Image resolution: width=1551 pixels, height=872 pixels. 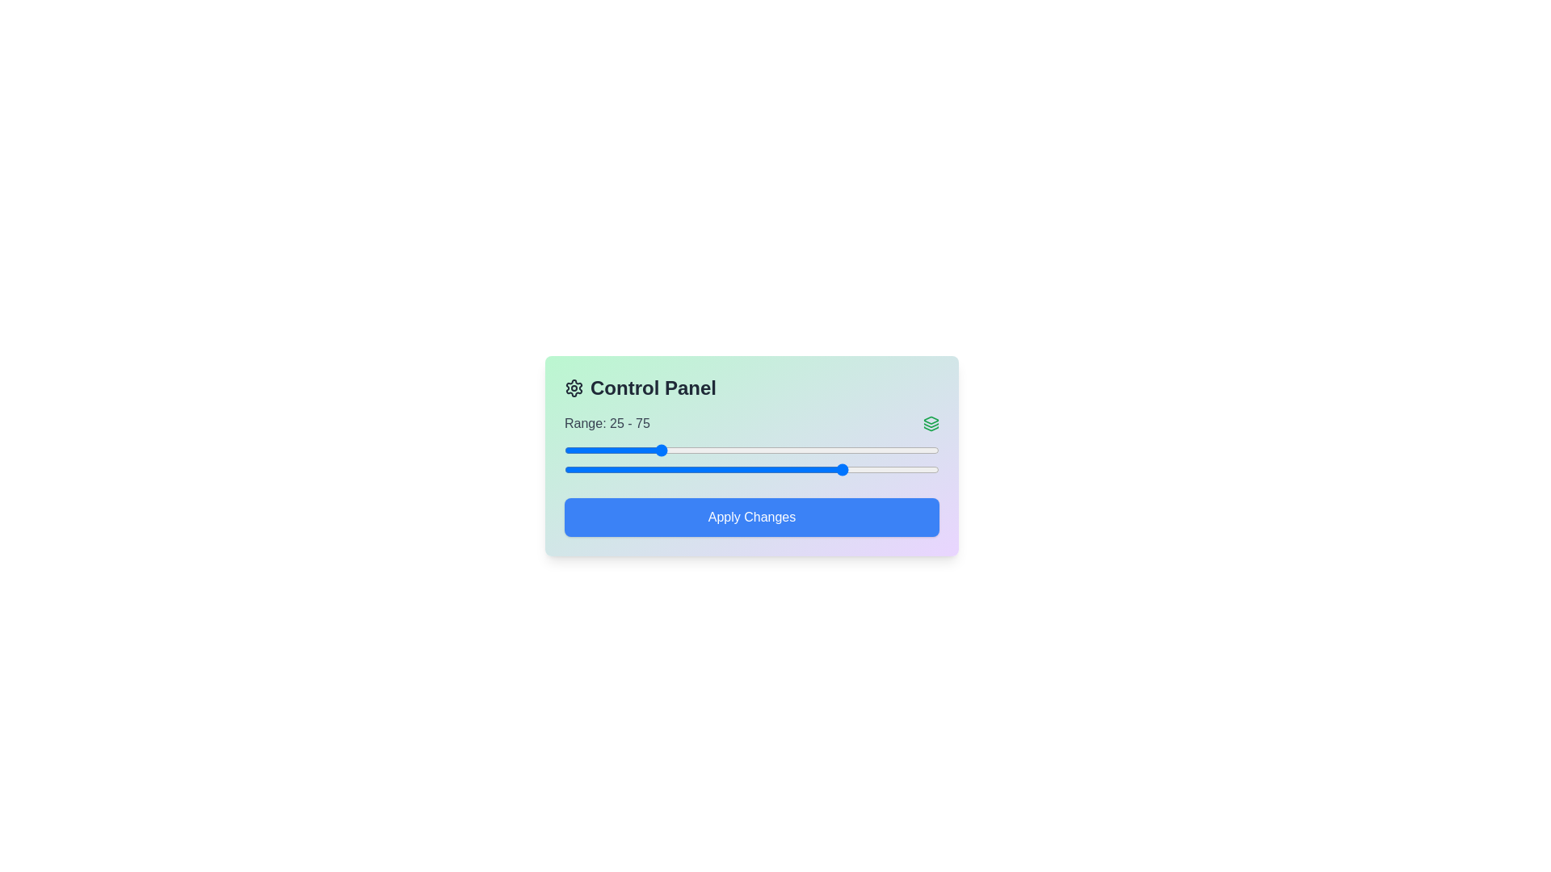 I want to click on the left slider to set the starting value to 43, so click(x=725, y=451).